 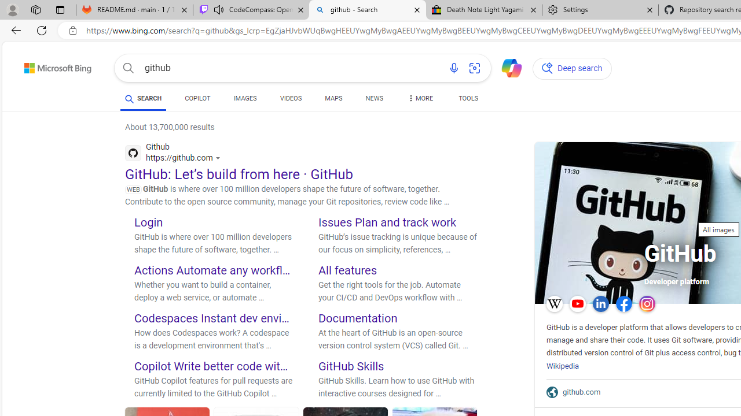 What do you see at coordinates (197, 99) in the screenshot?
I see `'COPILOT'` at bounding box center [197, 99].